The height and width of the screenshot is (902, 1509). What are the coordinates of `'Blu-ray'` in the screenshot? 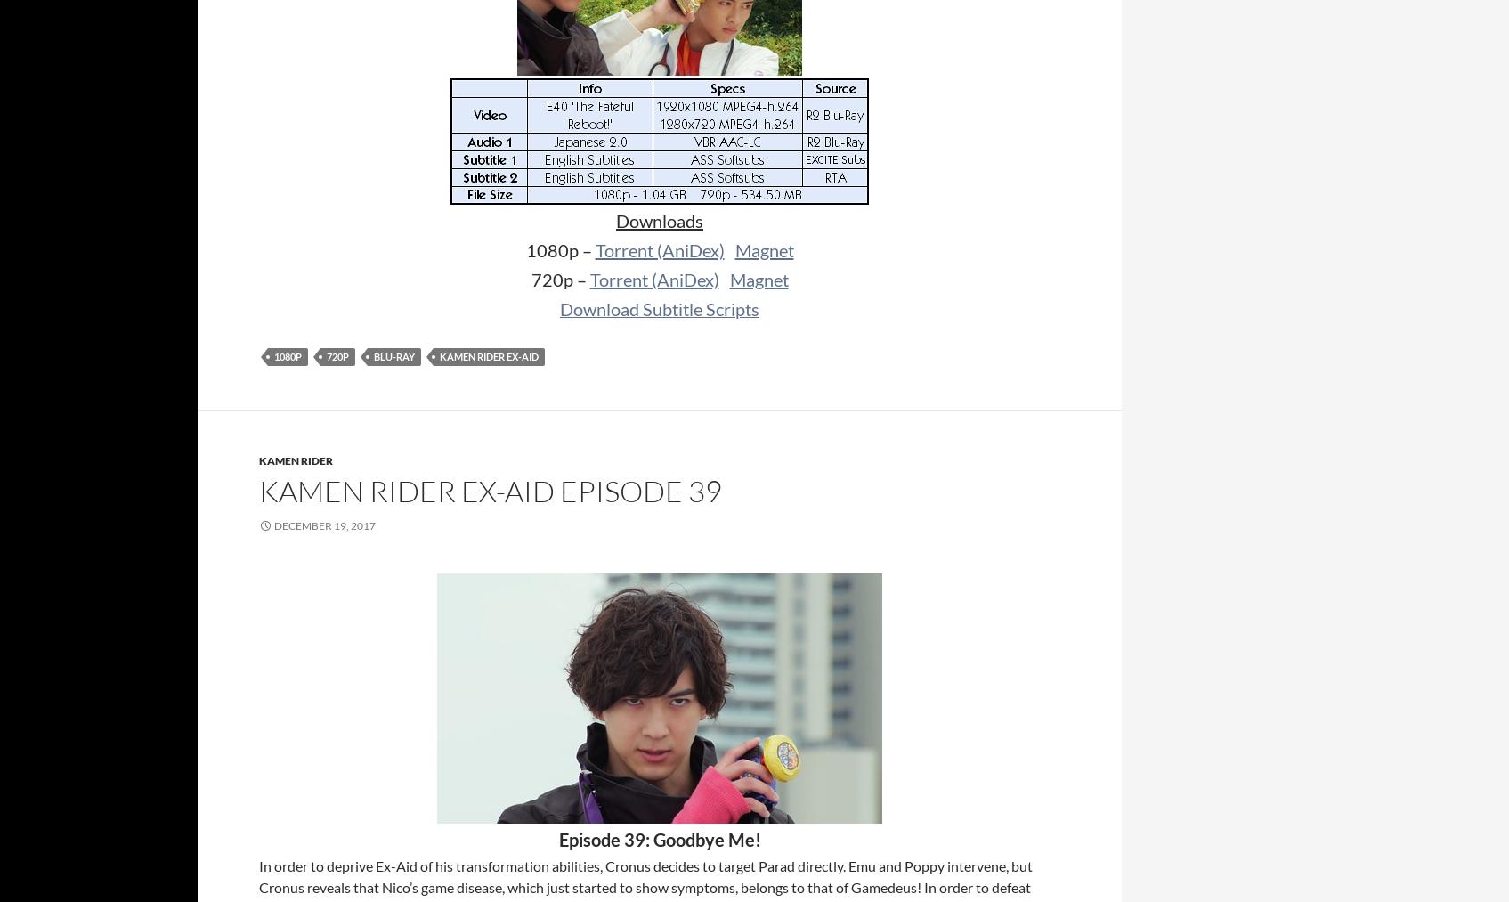 It's located at (374, 356).